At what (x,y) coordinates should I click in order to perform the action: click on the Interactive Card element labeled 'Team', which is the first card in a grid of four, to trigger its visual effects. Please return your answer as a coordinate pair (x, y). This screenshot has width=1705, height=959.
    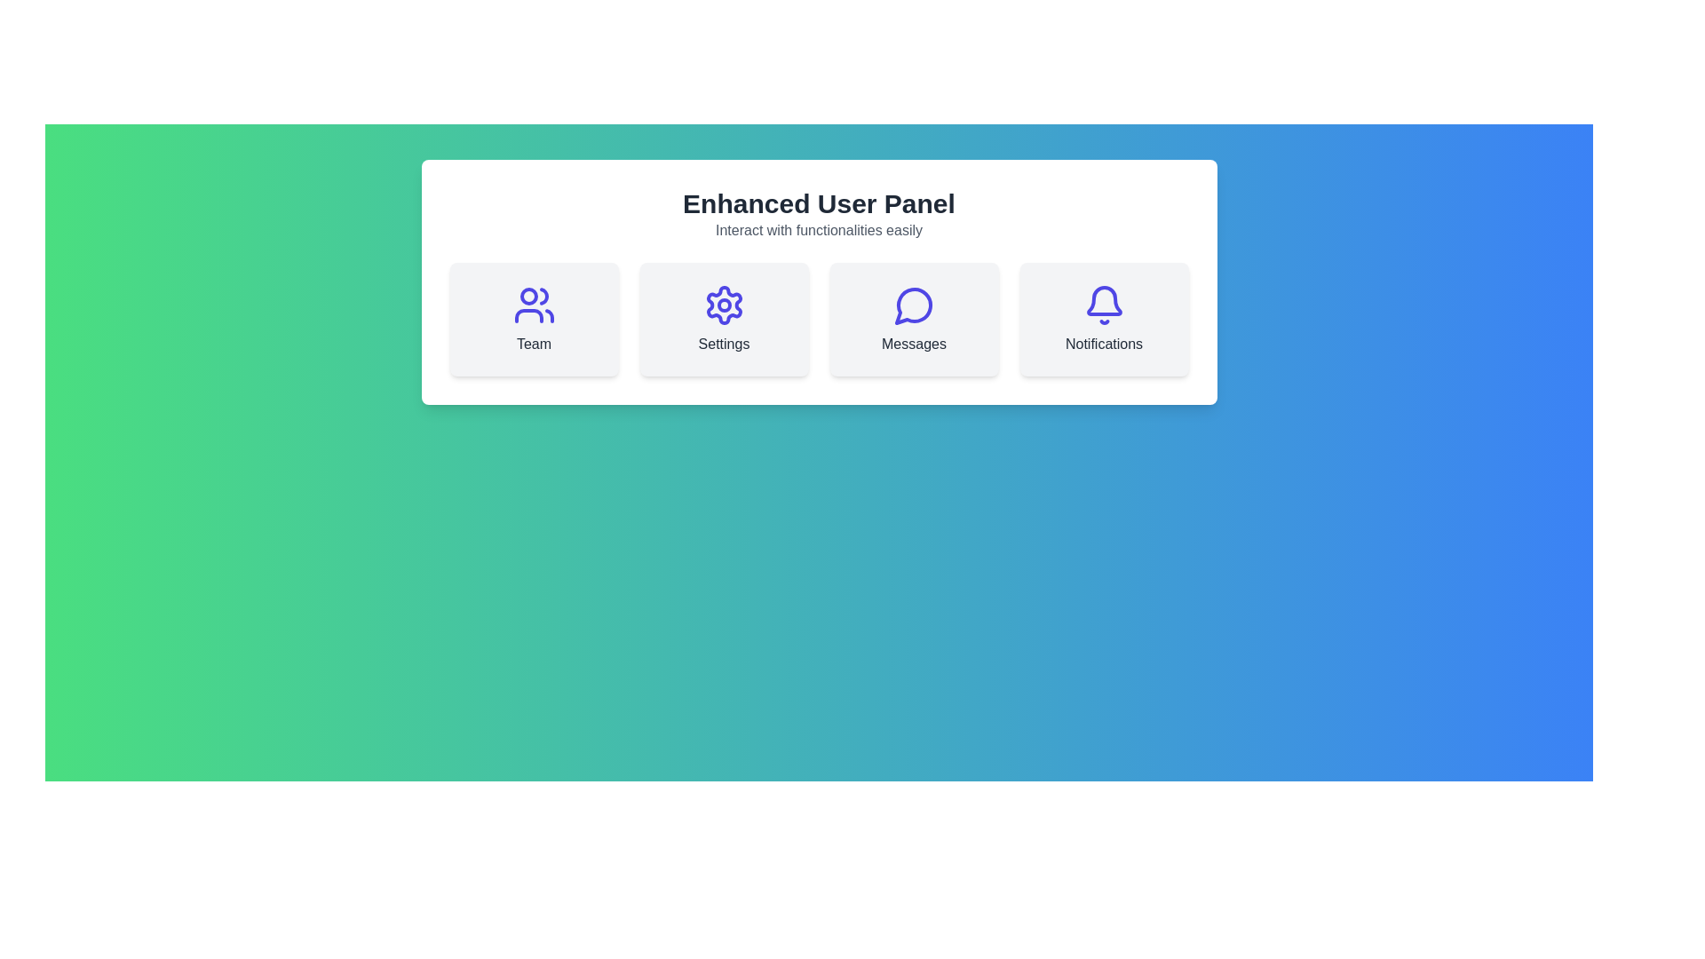
    Looking at the image, I should click on (533, 318).